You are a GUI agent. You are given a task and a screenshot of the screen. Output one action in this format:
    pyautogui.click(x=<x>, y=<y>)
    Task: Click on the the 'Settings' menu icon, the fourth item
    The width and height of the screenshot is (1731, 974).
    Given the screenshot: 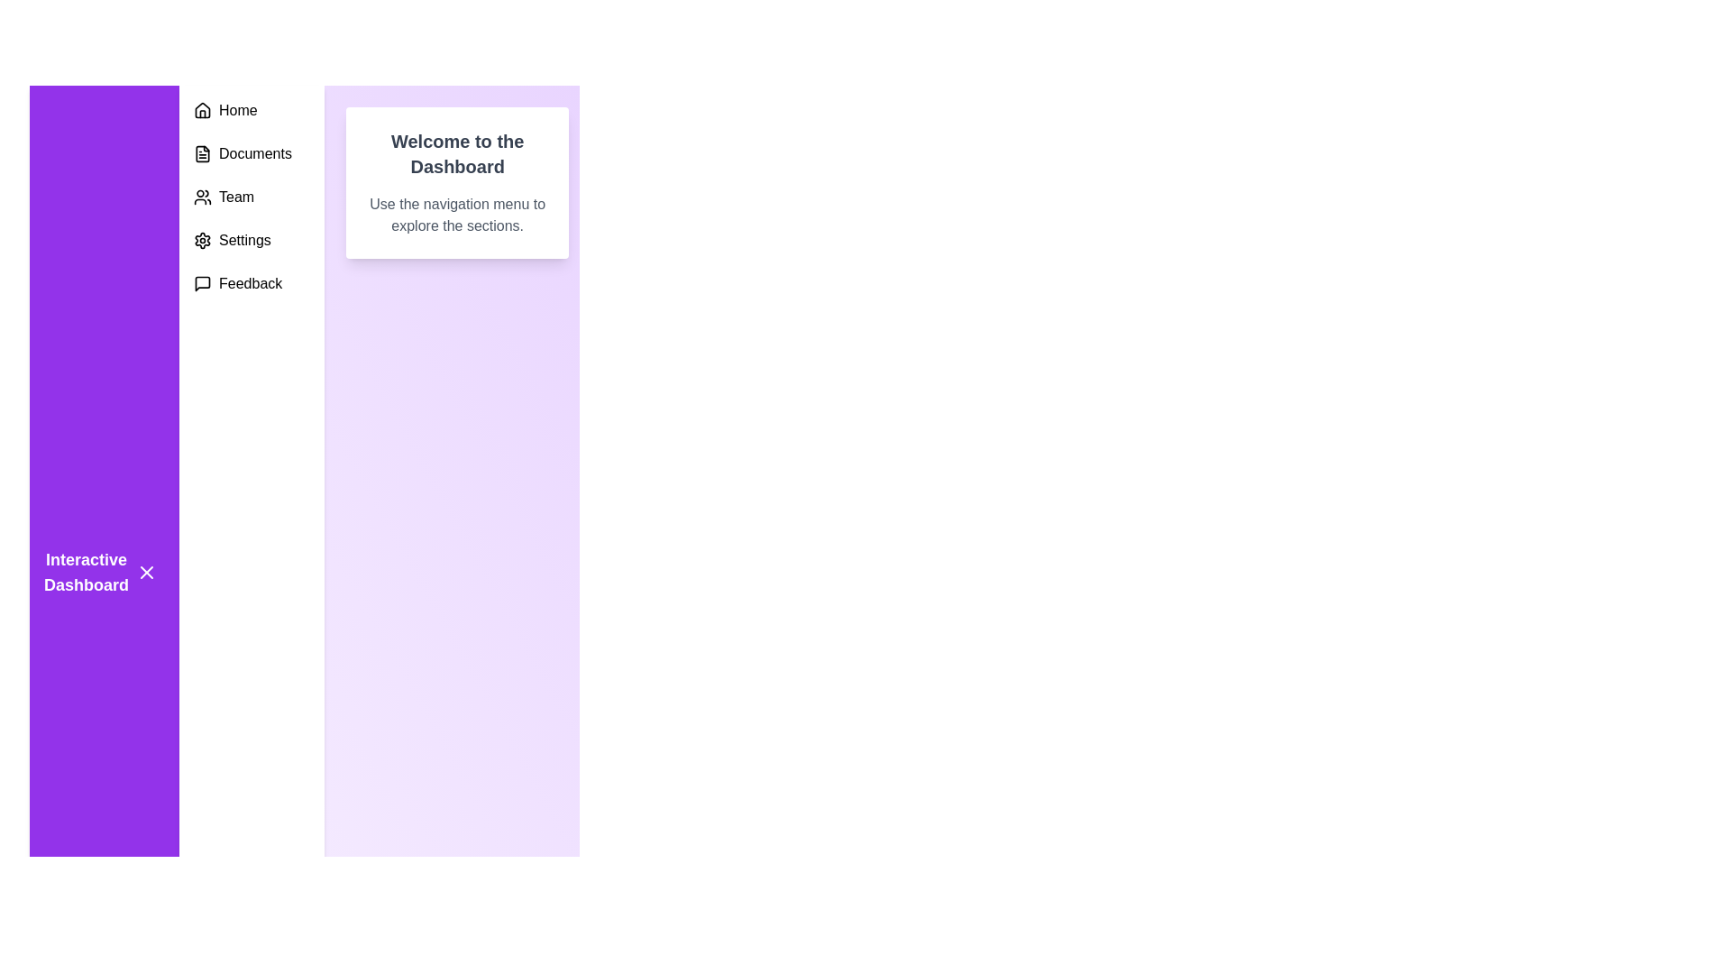 What is the action you would take?
    pyautogui.click(x=203, y=239)
    